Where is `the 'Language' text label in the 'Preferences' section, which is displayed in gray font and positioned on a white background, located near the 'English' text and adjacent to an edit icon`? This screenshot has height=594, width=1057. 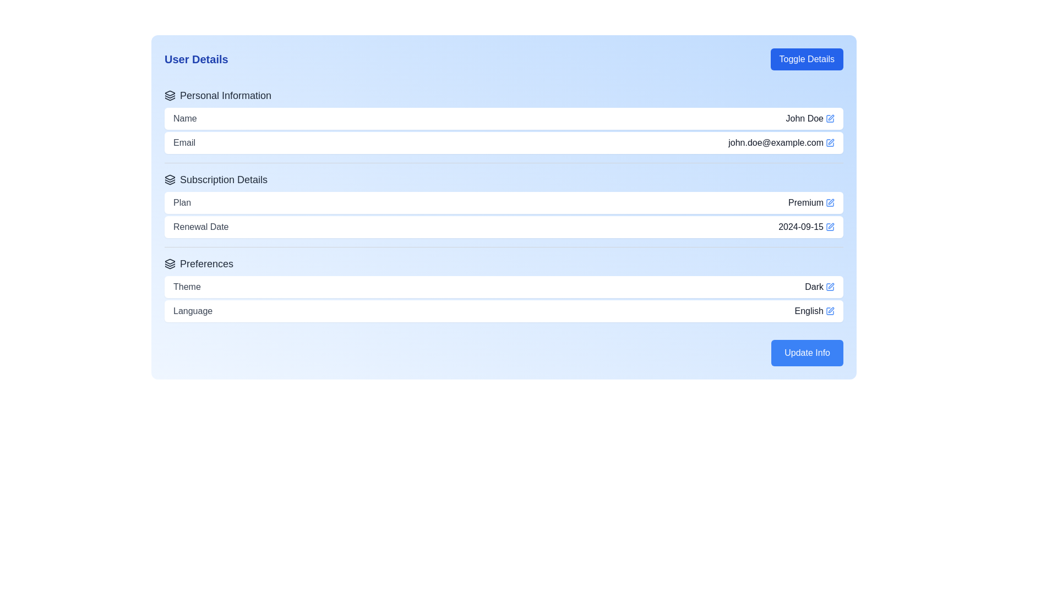 the 'Language' text label in the 'Preferences' section, which is displayed in gray font and positioned on a white background, located near the 'English' text and adjacent to an edit icon is located at coordinates (193, 311).